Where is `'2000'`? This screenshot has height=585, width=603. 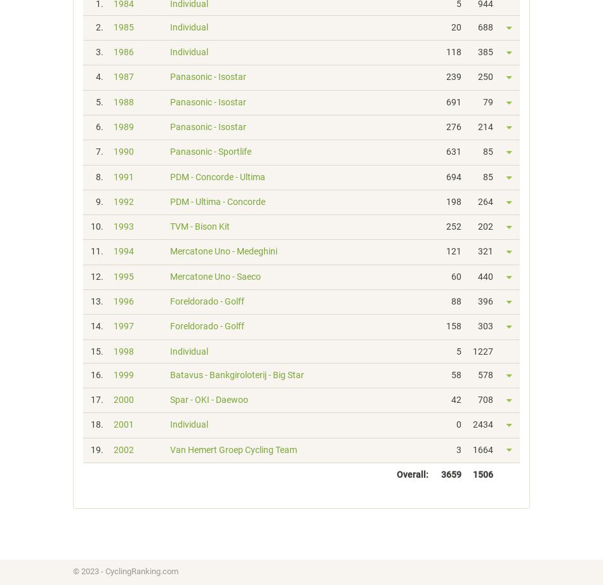
'2000' is located at coordinates (113, 398).